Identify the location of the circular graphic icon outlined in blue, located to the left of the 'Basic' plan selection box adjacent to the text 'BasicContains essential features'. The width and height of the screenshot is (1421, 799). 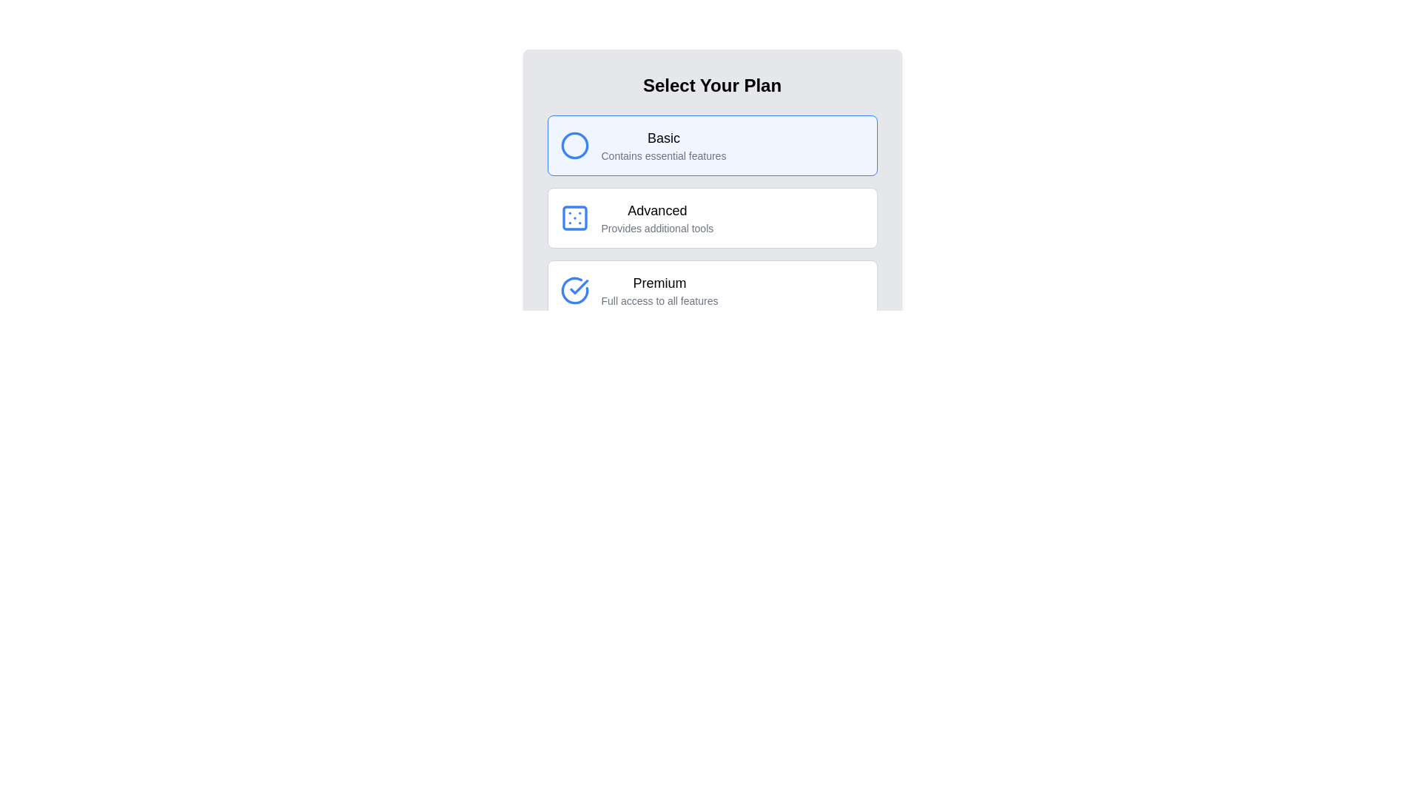
(574, 145).